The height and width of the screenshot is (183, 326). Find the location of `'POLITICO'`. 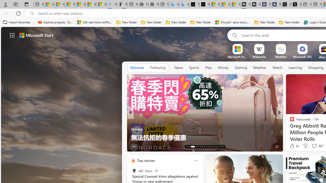

'POLITICO' is located at coordinates (290, 121).